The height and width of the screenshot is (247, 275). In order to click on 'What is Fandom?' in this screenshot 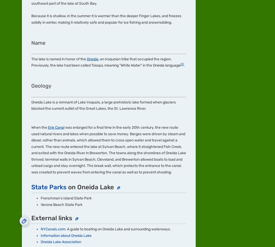, I will do `click(22, 70)`.